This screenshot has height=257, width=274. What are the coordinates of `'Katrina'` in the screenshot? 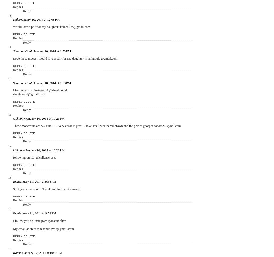 It's located at (18, 253).